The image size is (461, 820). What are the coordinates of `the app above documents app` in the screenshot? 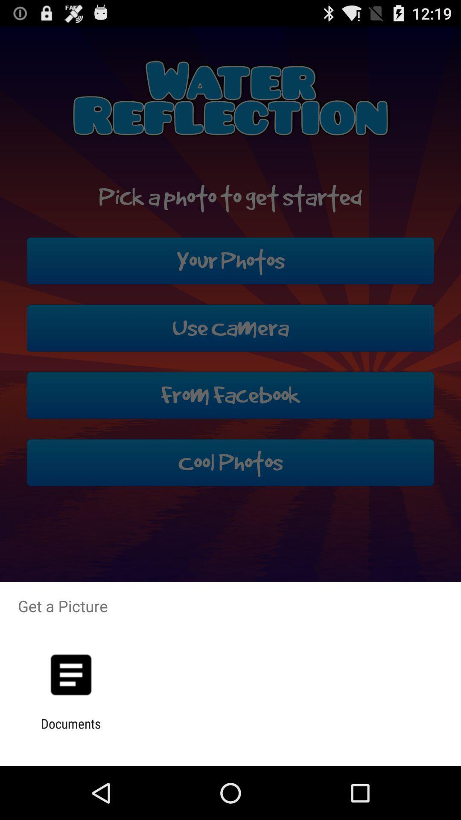 It's located at (70, 674).